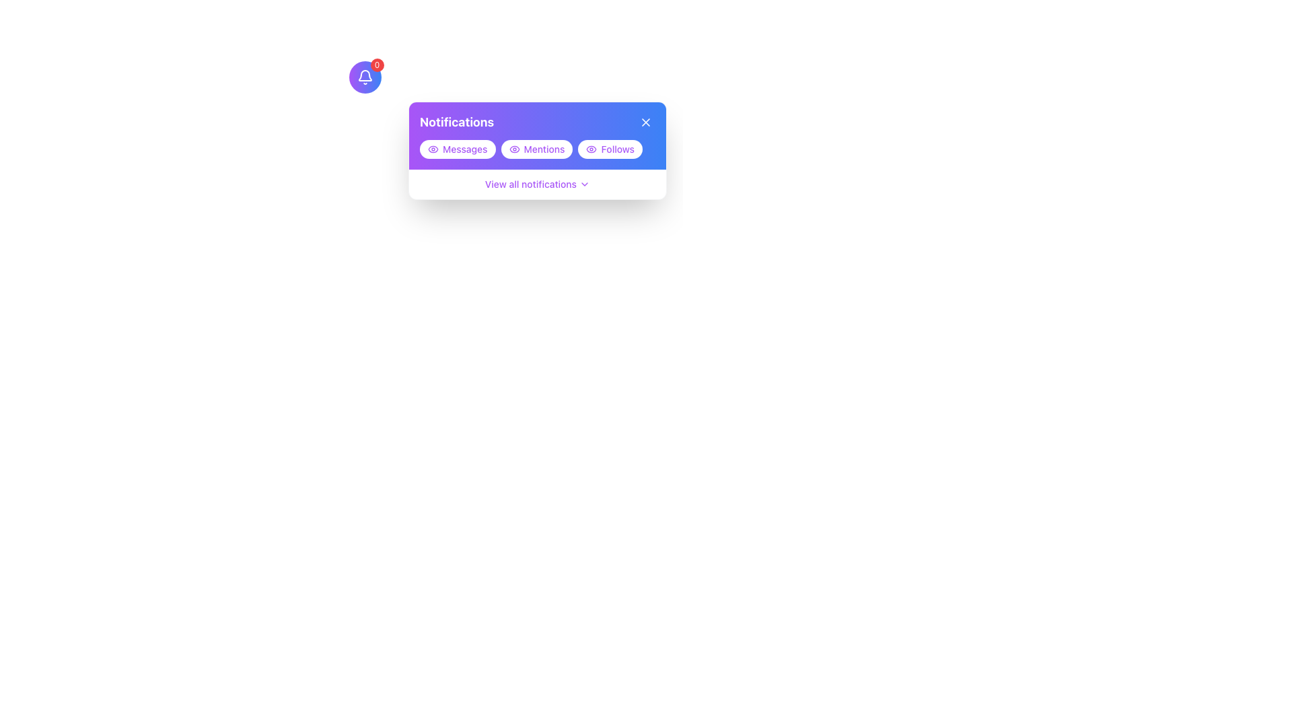  What do you see at coordinates (513, 149) in the screenshot?
I see `the eye icon located within the 'Mentions' notification panel, which is the only graphical component next to the 'Mentions' text` at bounding box center [513, 149].